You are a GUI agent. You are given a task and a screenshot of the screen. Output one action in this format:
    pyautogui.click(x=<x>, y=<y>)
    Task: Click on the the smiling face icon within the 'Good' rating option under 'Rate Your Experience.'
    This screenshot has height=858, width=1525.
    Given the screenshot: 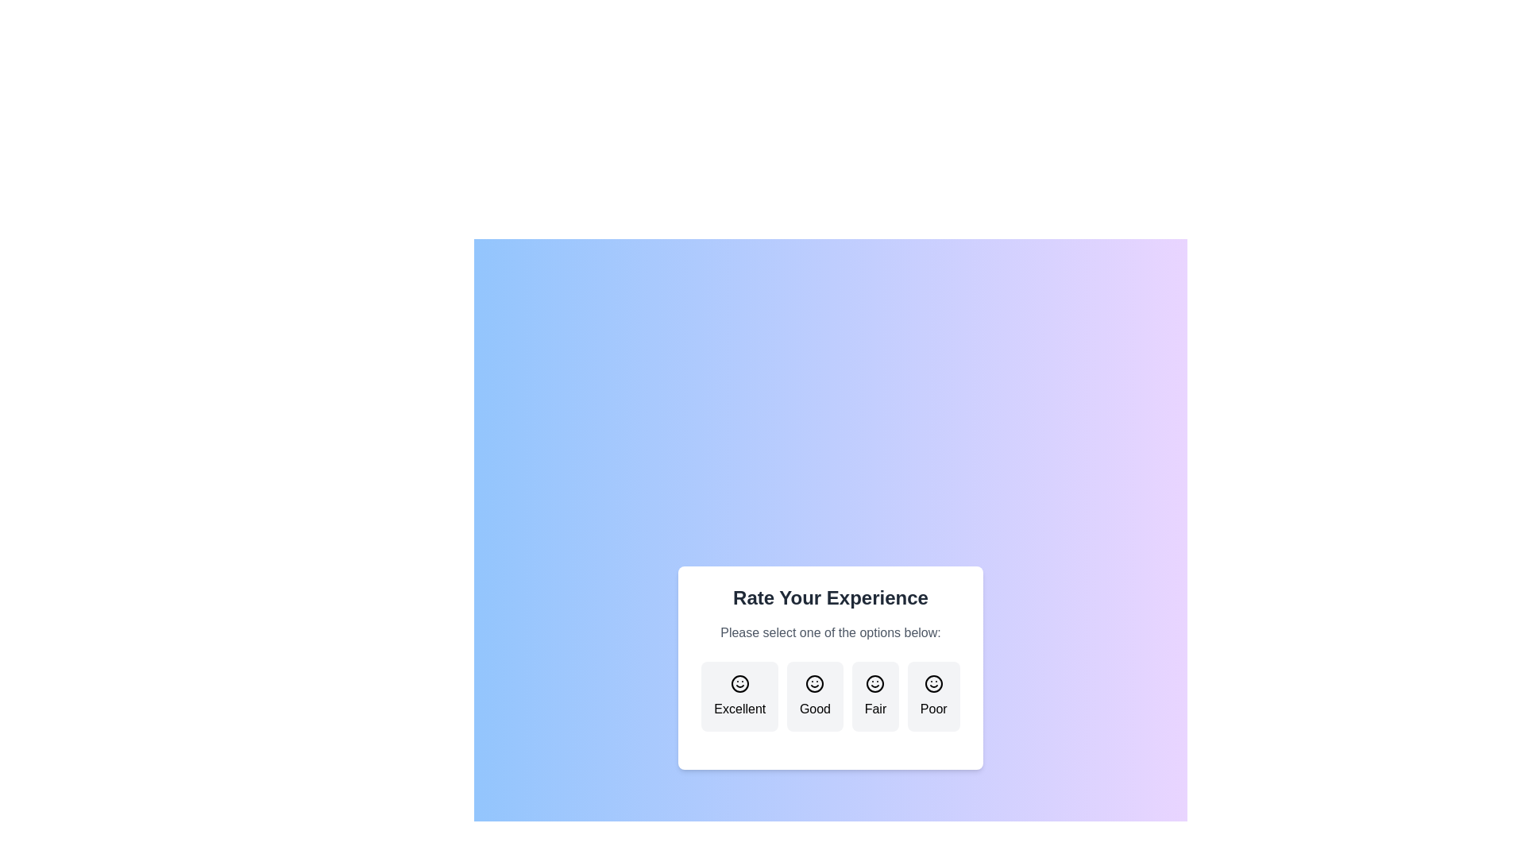 What is the action you would take?
    pyautogui.click(x=815, y=682)
    